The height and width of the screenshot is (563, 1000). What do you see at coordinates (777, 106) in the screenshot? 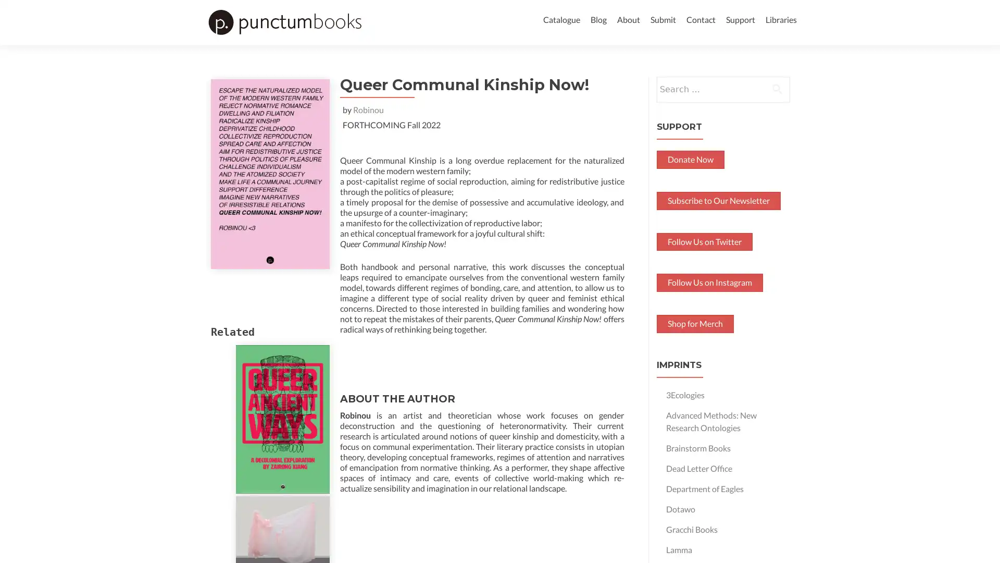
I see `Search` at bounding box center [777, 106].